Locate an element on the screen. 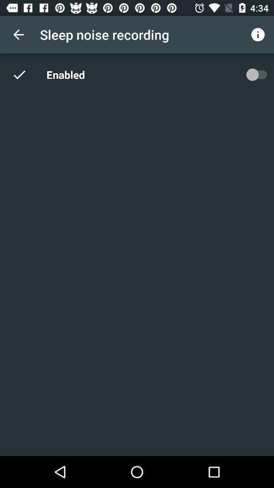  icon next to sleep noise recording is located at coordinates (258, 35).